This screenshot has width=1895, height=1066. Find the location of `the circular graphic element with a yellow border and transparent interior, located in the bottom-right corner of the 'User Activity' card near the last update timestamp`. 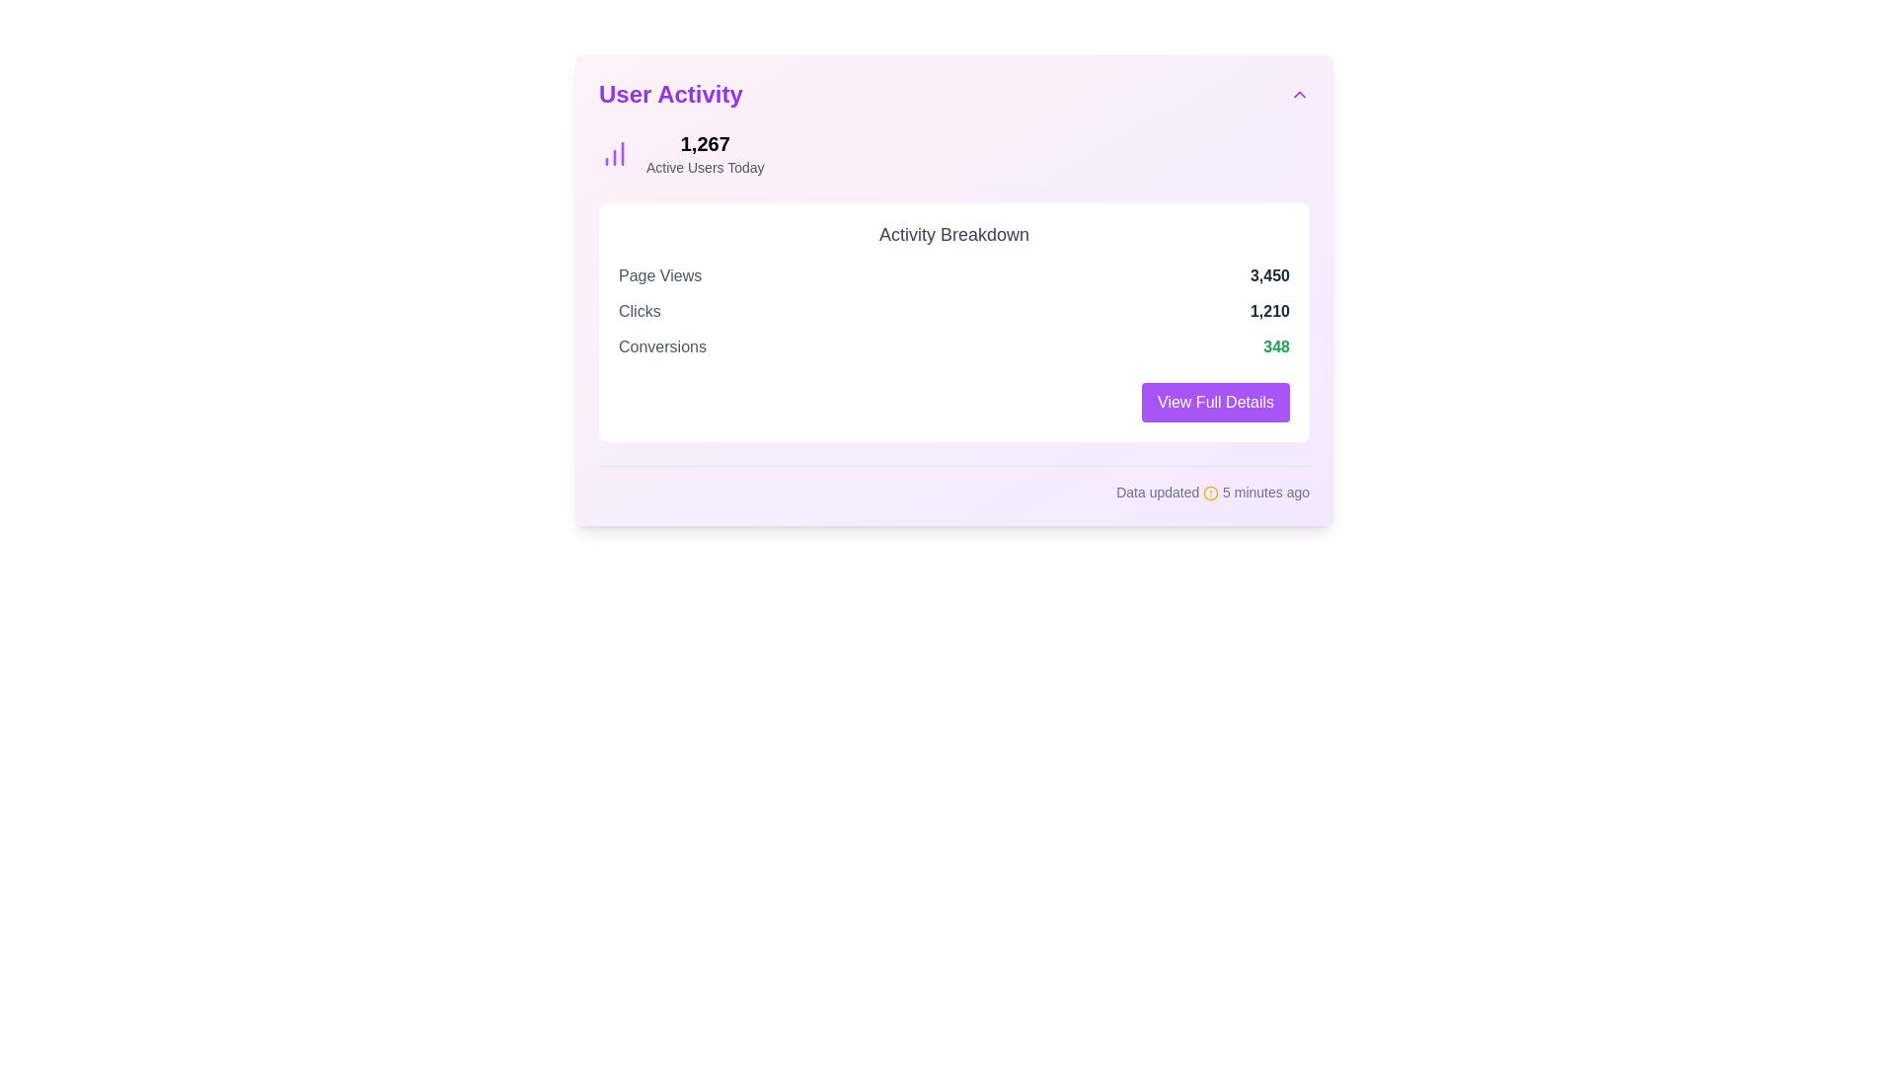

the circular graphic element with a yellow border and transparent interior, located in the bottom-right corner of the 'User Activity' card near the last update timestamp is located at coordinates (1210, 493).